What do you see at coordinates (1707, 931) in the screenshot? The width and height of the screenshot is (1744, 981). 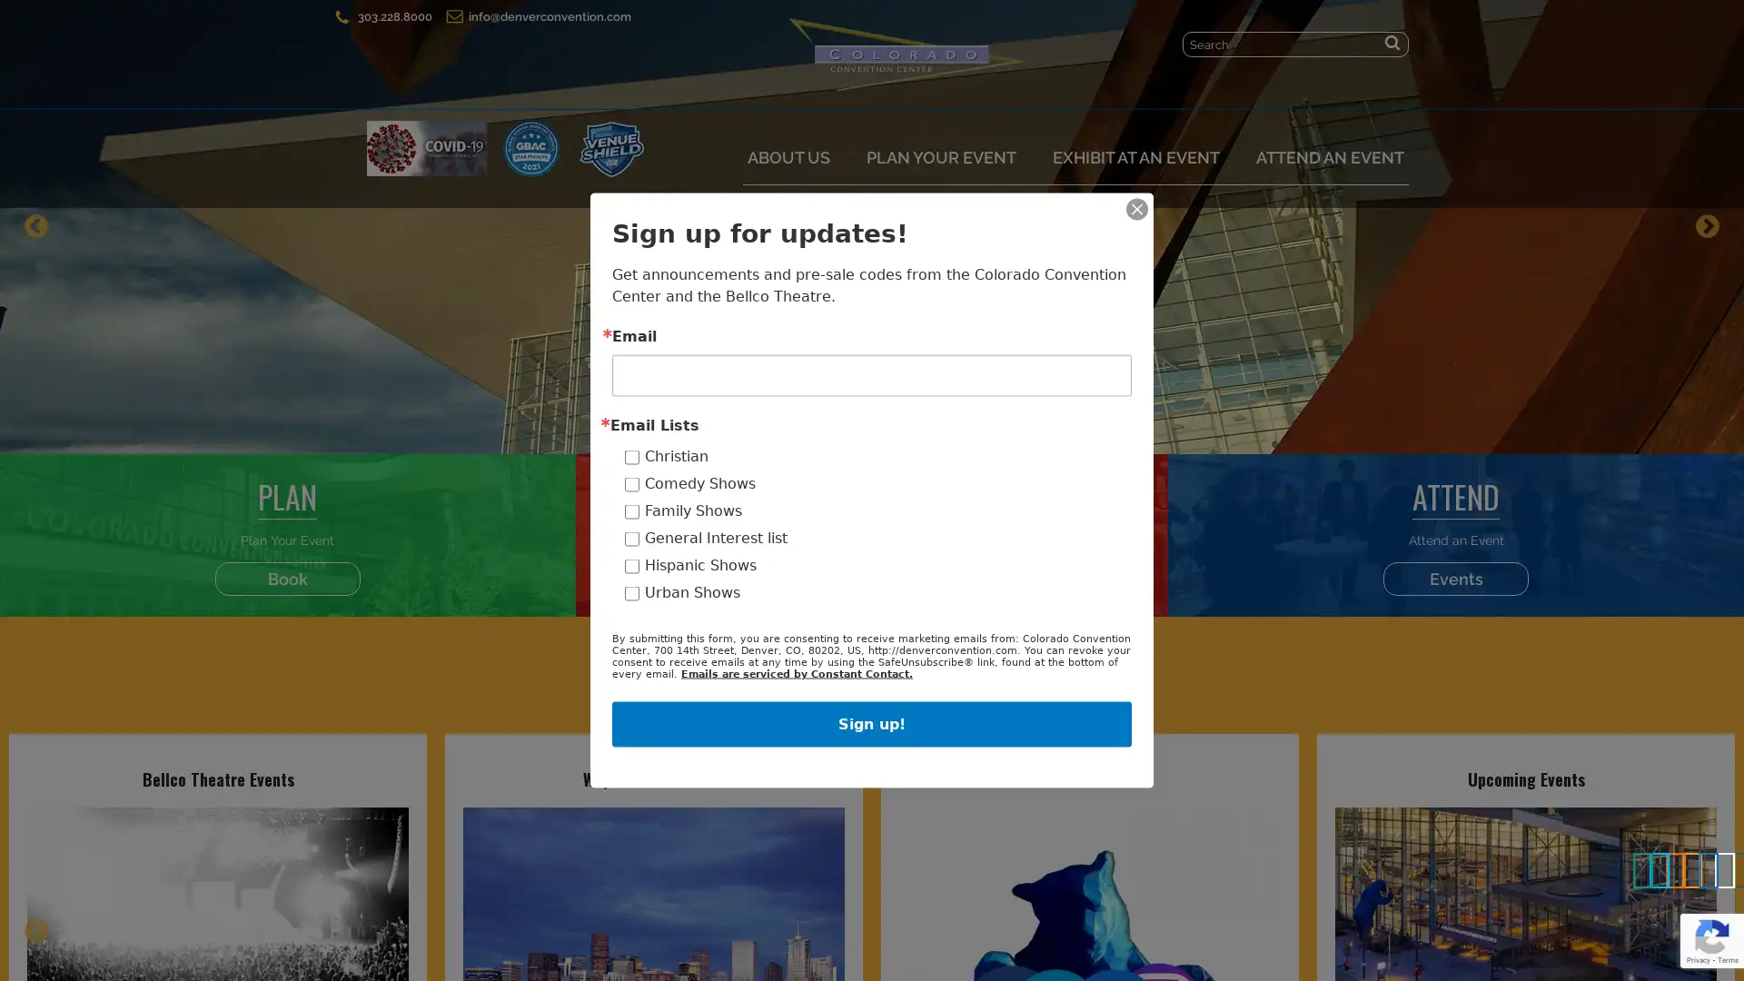 I see `Next` at bounding box center [1707, 931].